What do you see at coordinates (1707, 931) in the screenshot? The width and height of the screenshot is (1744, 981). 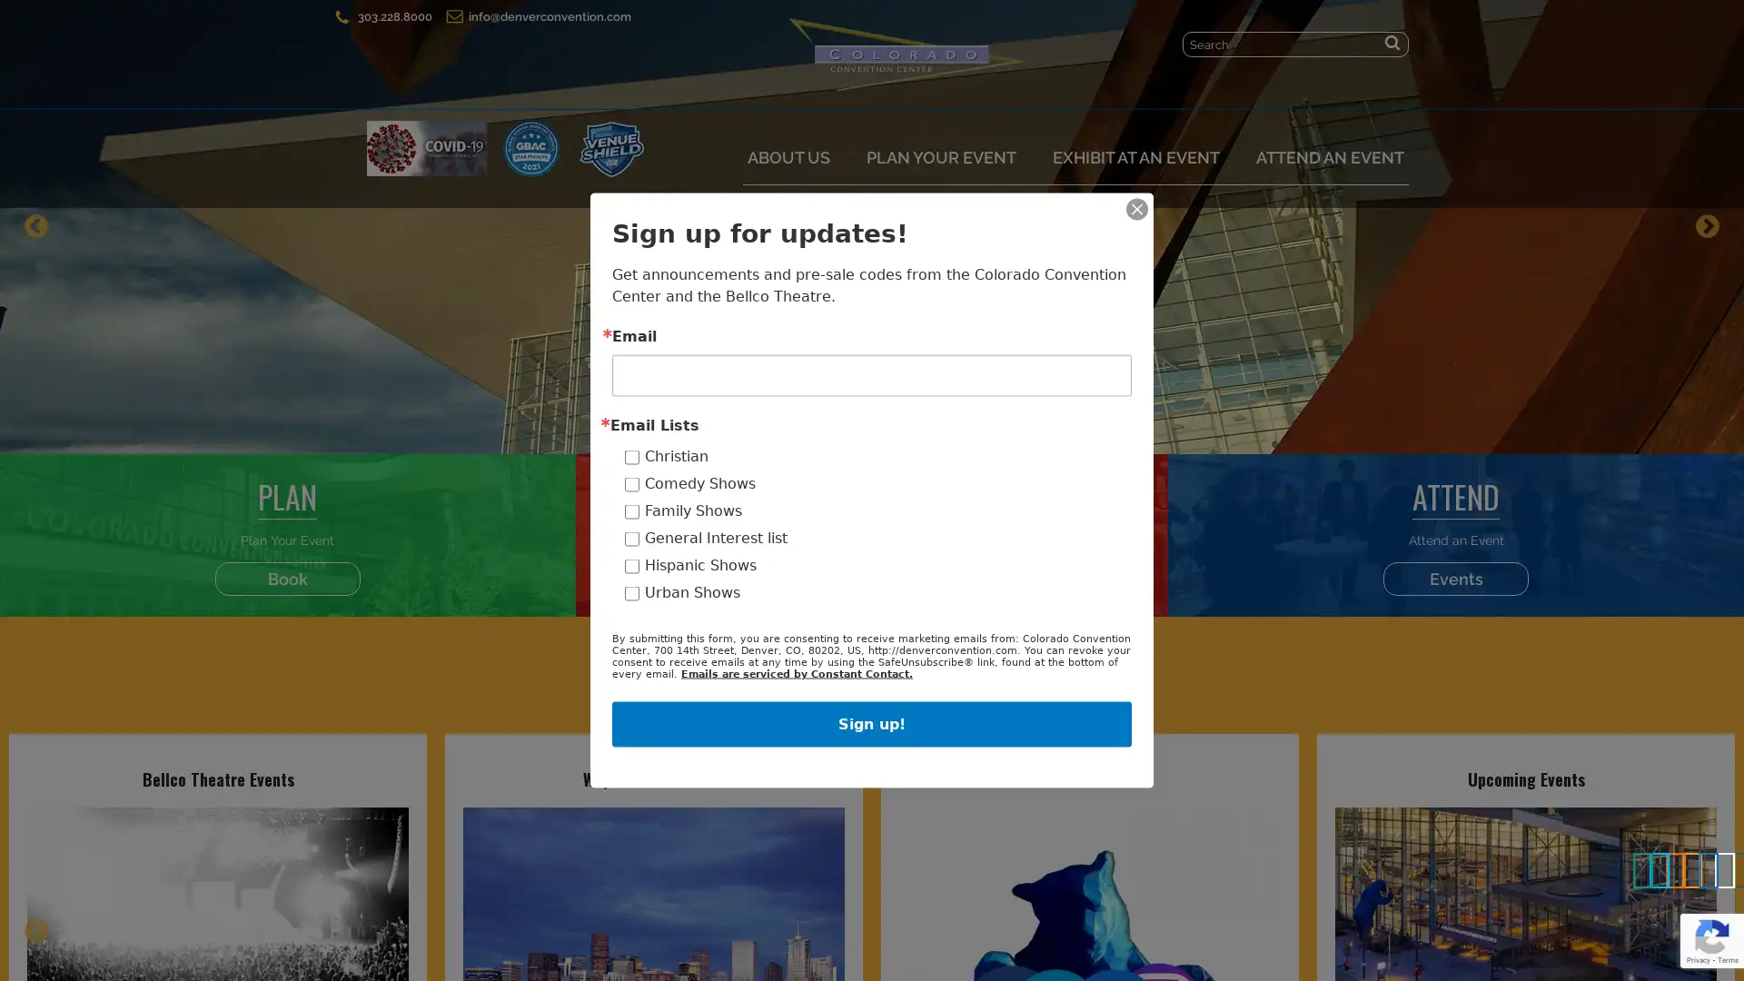 I see `Next` at bounding box center [1707, 931].